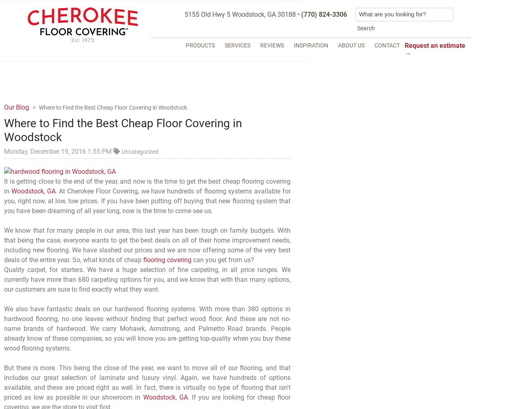 The height and width of the screenshot is (409, 532). Describe the element at coordinates (4, 245) in the screenshot. I see `'We know that for many people in our area, this last year has been tough on family budgets. With that being the case, everyone wants to get the best deals on all of their home improvement needs, including new flooring. We have slashed our prices and we are now offering some of the very best deals of the entire year. So, what kinds of cheap'` at that location.